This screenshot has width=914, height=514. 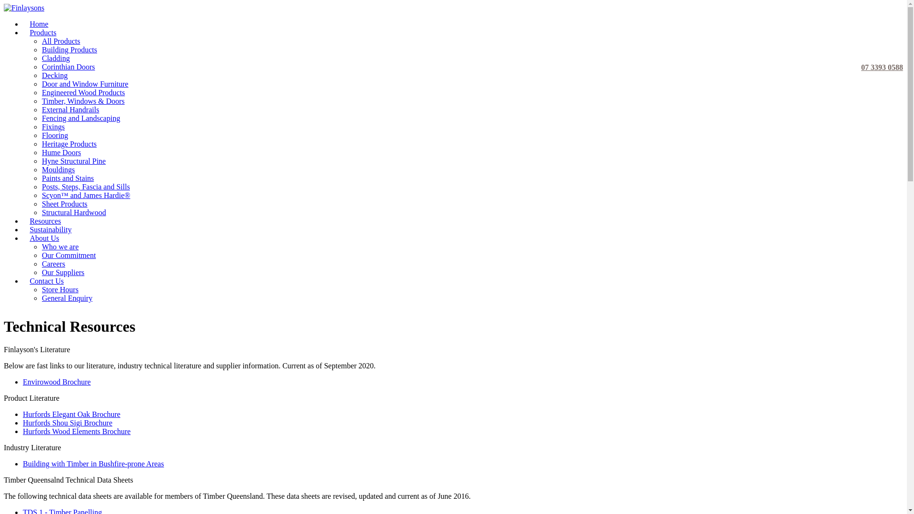 I want to click on 'Decking', so click(x=41, y=75).